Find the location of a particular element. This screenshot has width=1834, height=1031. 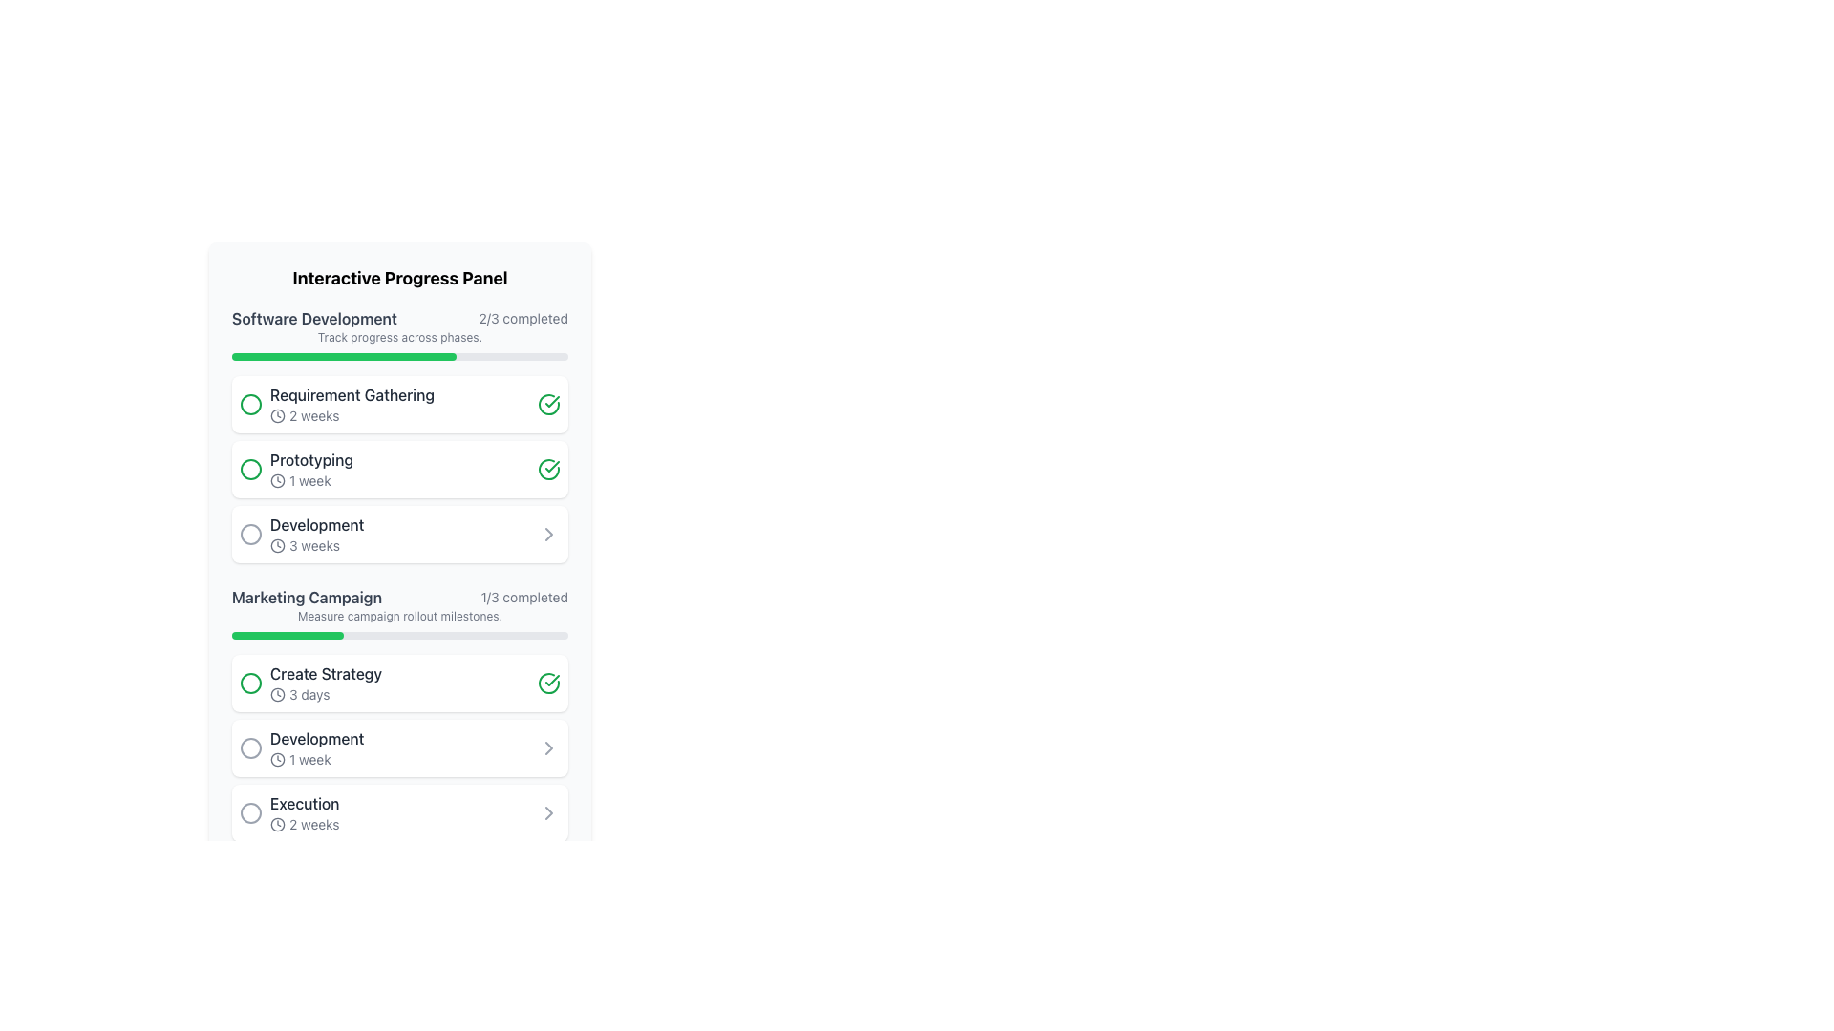

the Section Component with Progress Overview and Subsections is located at coordinates (398, 714).